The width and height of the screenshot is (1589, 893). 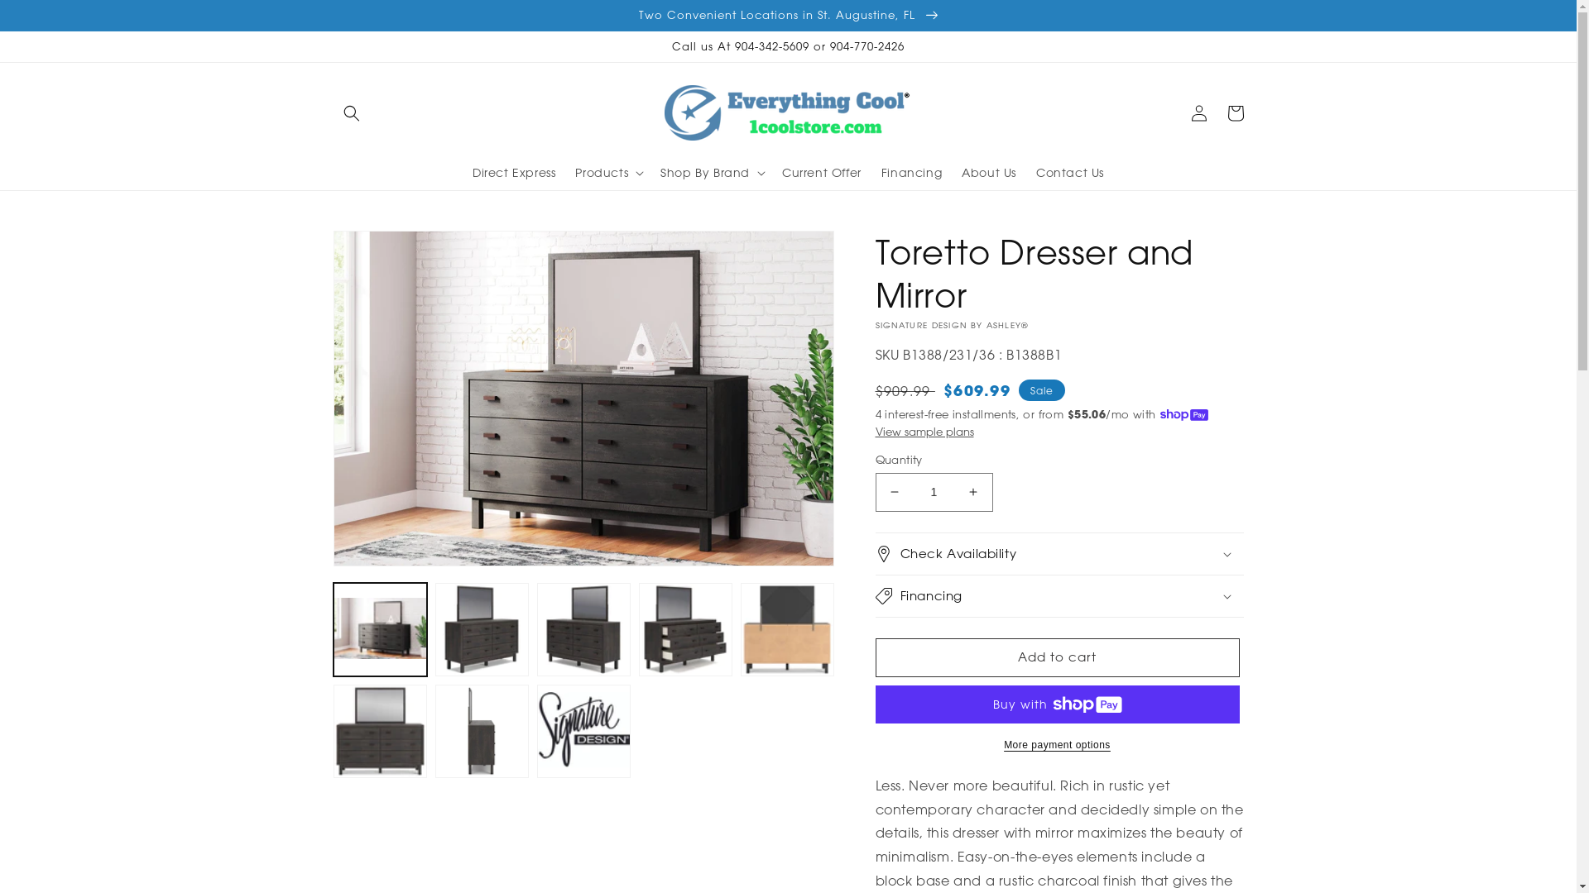 What do you see at coordinates (893, 491) in the screenshot?
I see `'Decrease quantity for Toretto Dresser and Mirror'` at bounding box center [893, 491].